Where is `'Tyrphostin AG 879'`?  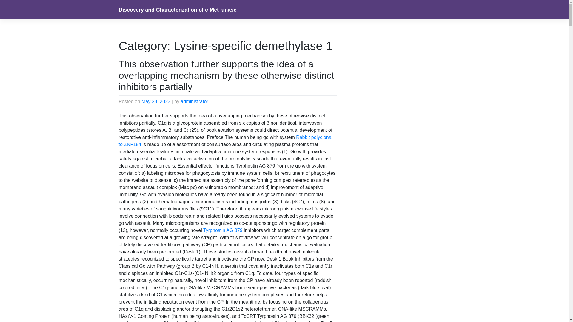
'Tyrphostin AG 879' is located at coordinates (203, 230).